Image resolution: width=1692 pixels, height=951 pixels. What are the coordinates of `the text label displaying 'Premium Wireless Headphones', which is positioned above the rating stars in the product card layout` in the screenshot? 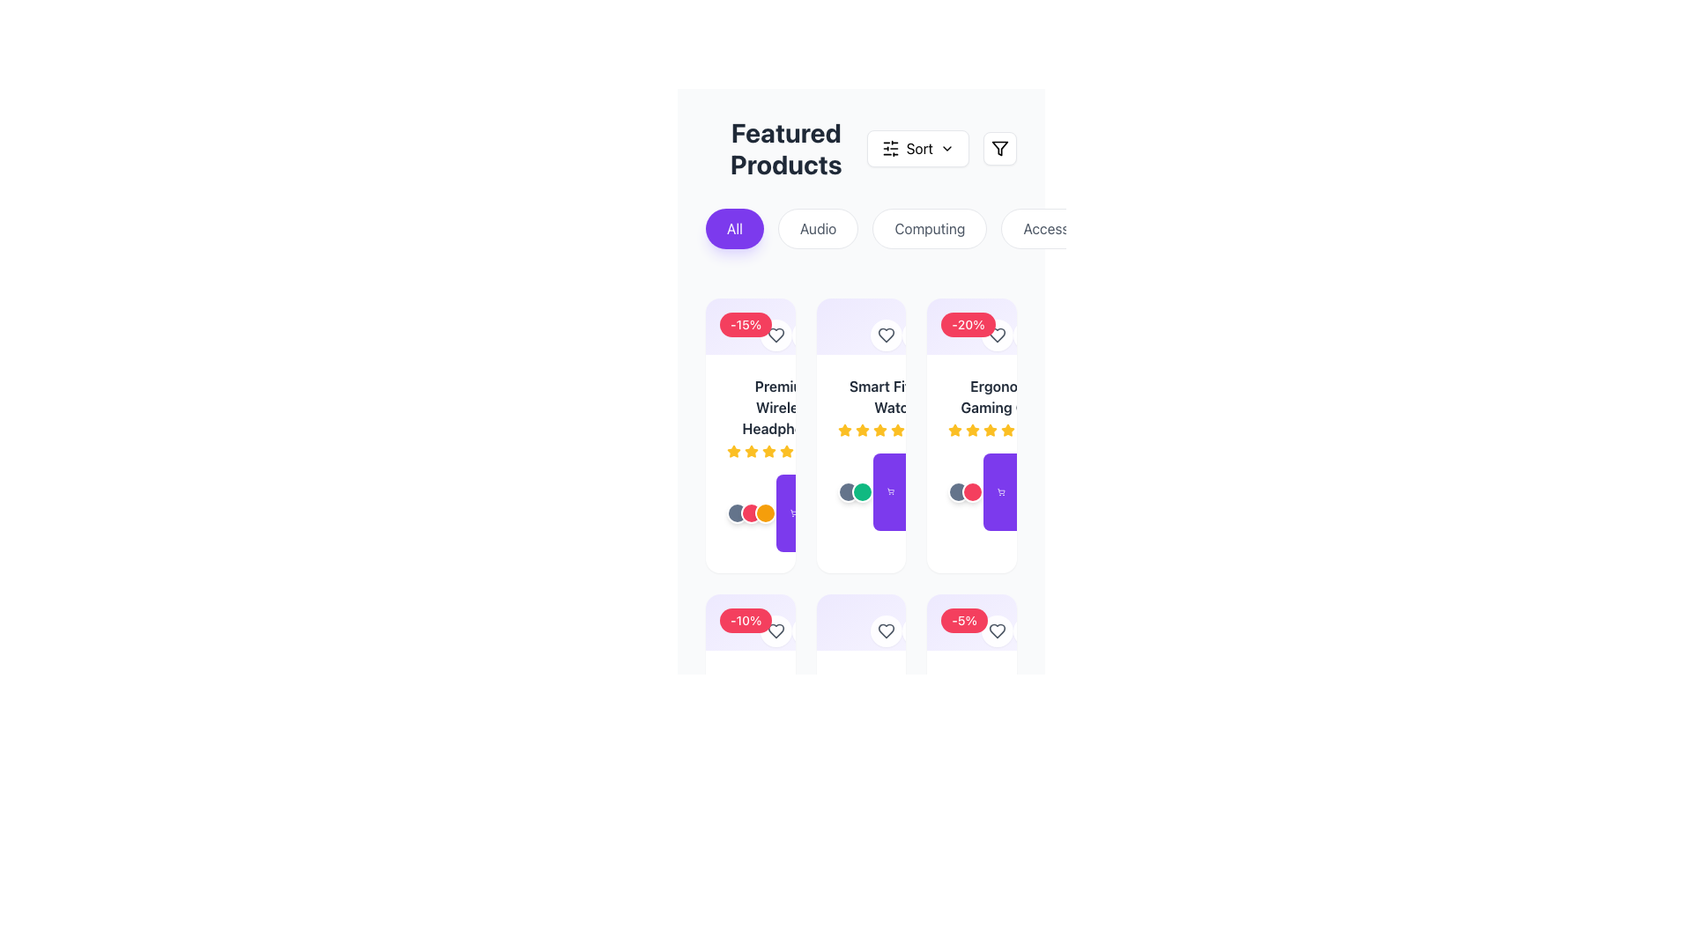 It's located at (783, 407).